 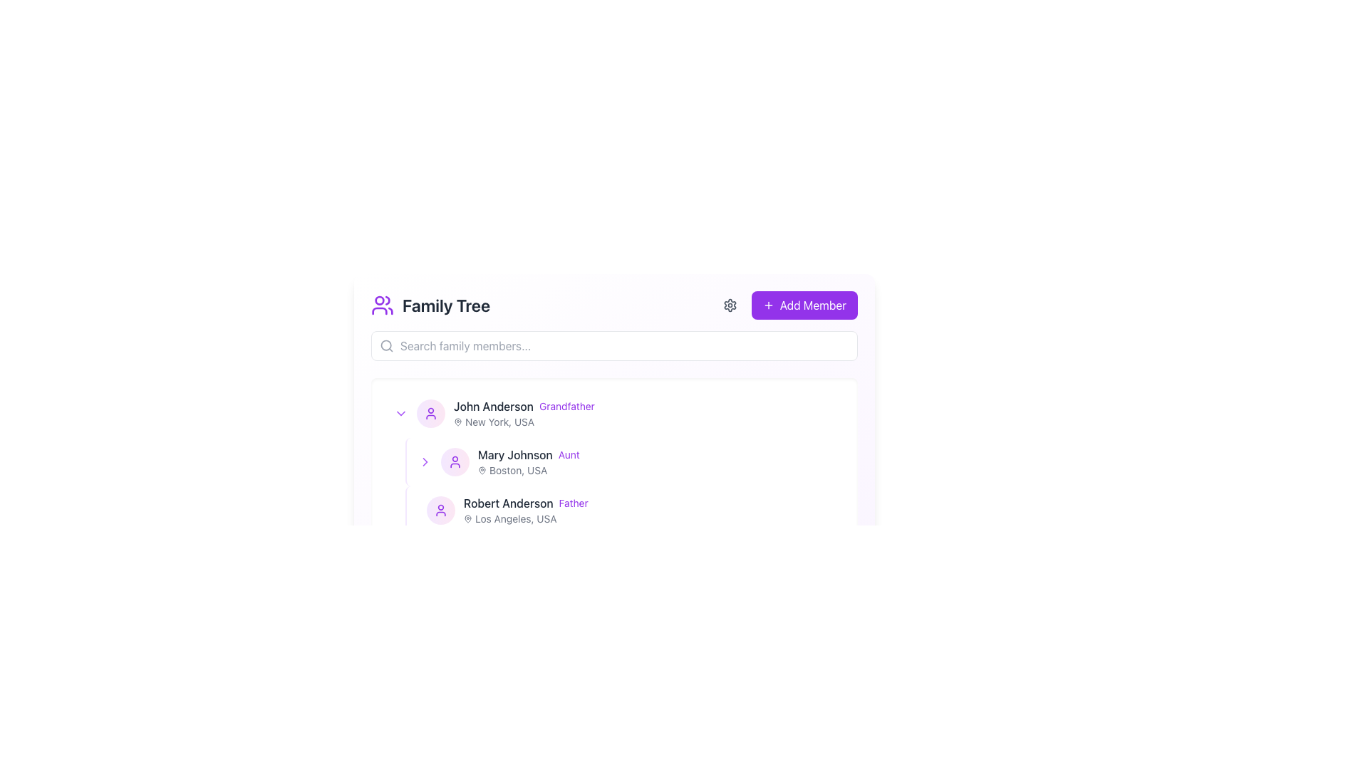 What do you see at coordinates (568, 455) in the screenshot?
I see `the text label indicating the familial relationship 'Aunt' associated with 'Mary Johnson' in the list` at bounding box center [568, 455].